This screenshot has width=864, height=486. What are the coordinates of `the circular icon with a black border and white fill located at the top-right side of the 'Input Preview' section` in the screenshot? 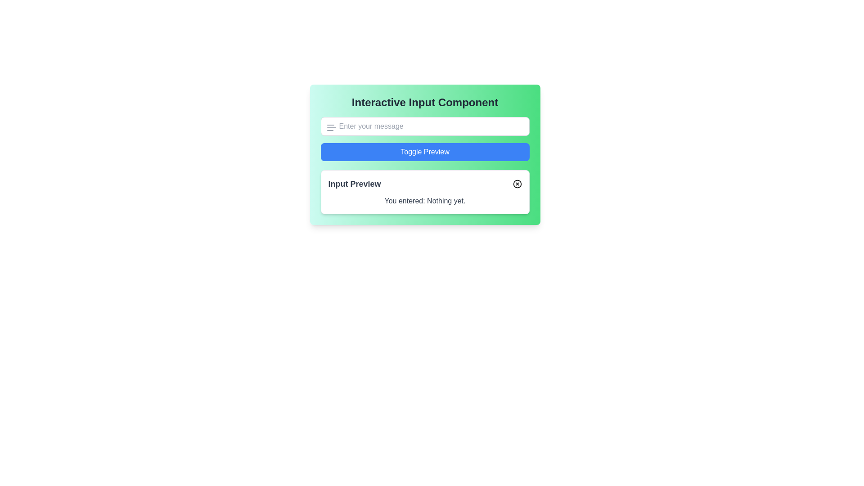 It's located at (517, 183).